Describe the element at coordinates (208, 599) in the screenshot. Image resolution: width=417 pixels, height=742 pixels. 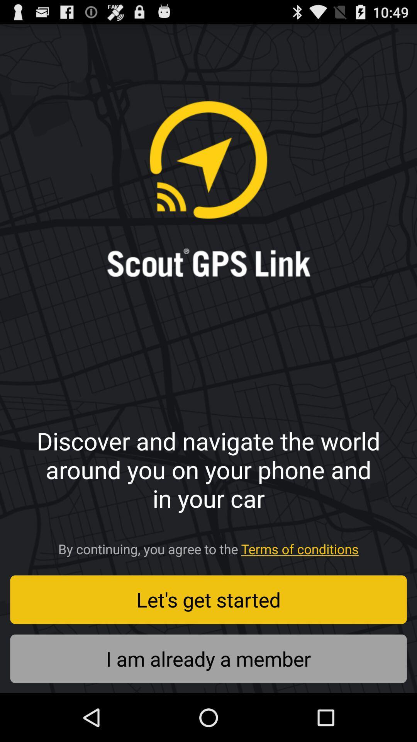
I see `let s get icon` at that location.